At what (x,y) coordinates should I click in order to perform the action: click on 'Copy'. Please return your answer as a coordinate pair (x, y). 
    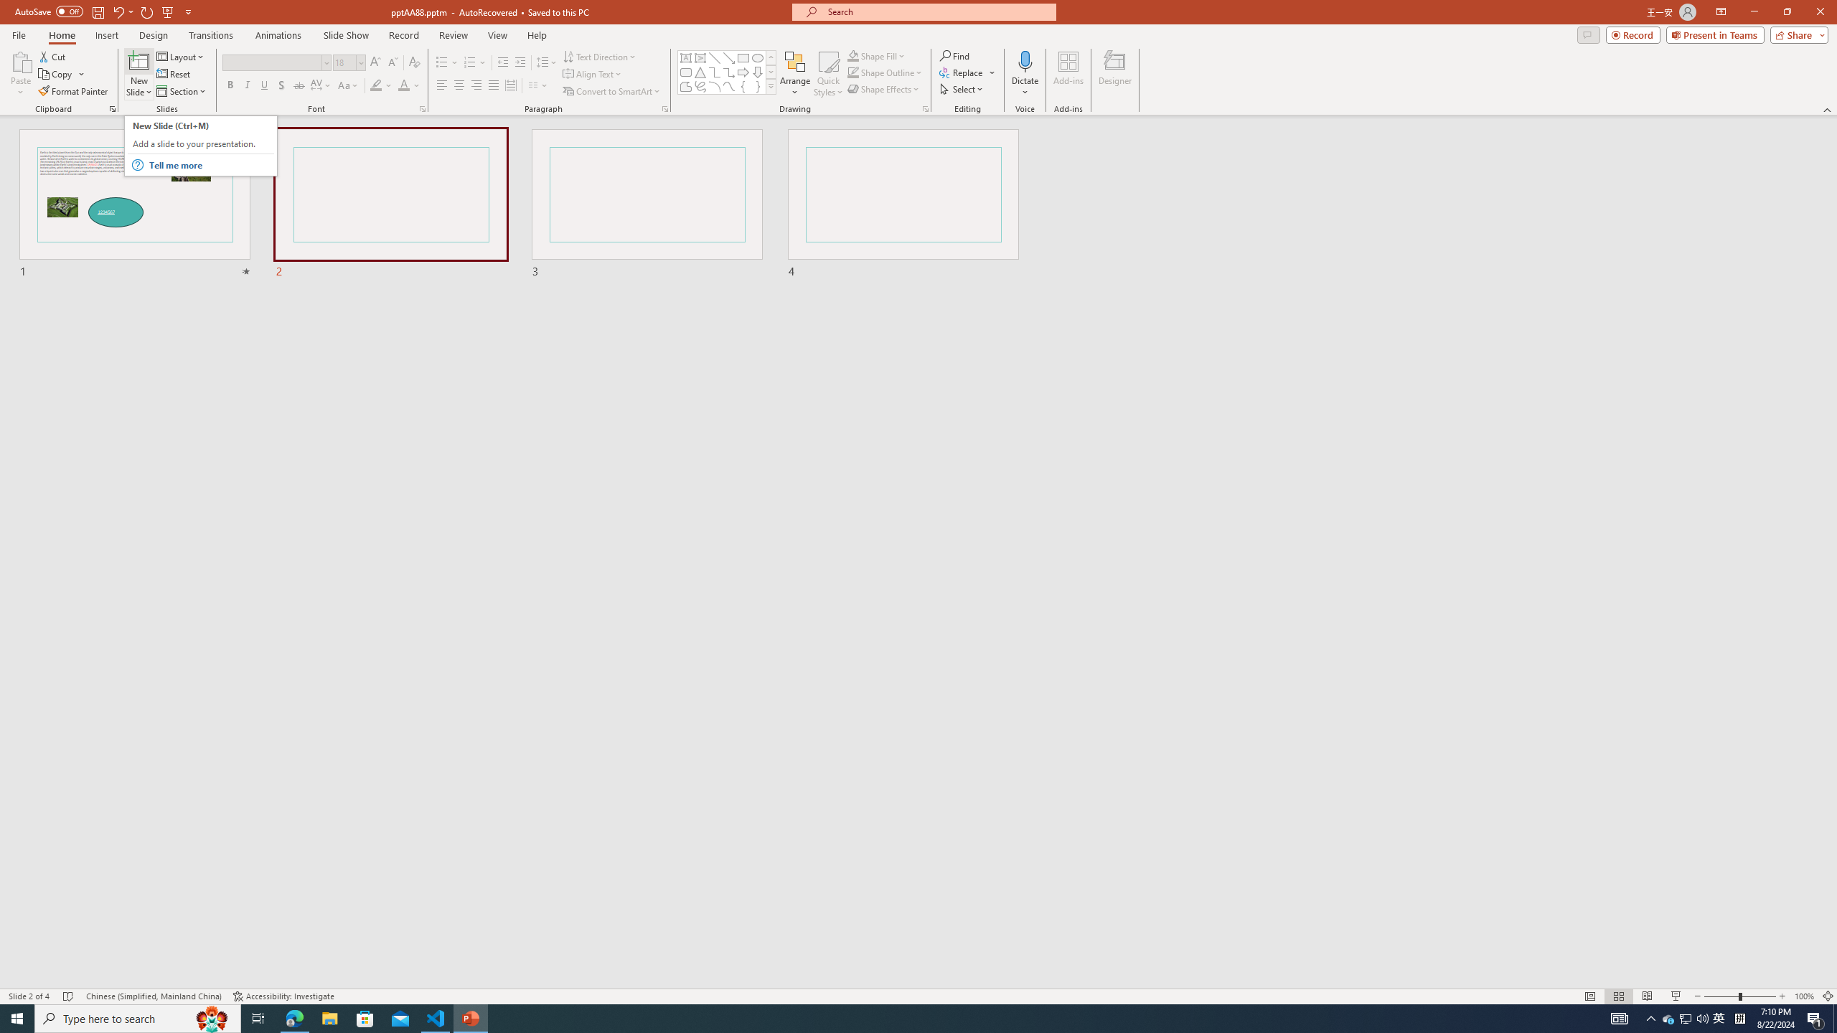
    Looking at the image, I should click on (62, 74).